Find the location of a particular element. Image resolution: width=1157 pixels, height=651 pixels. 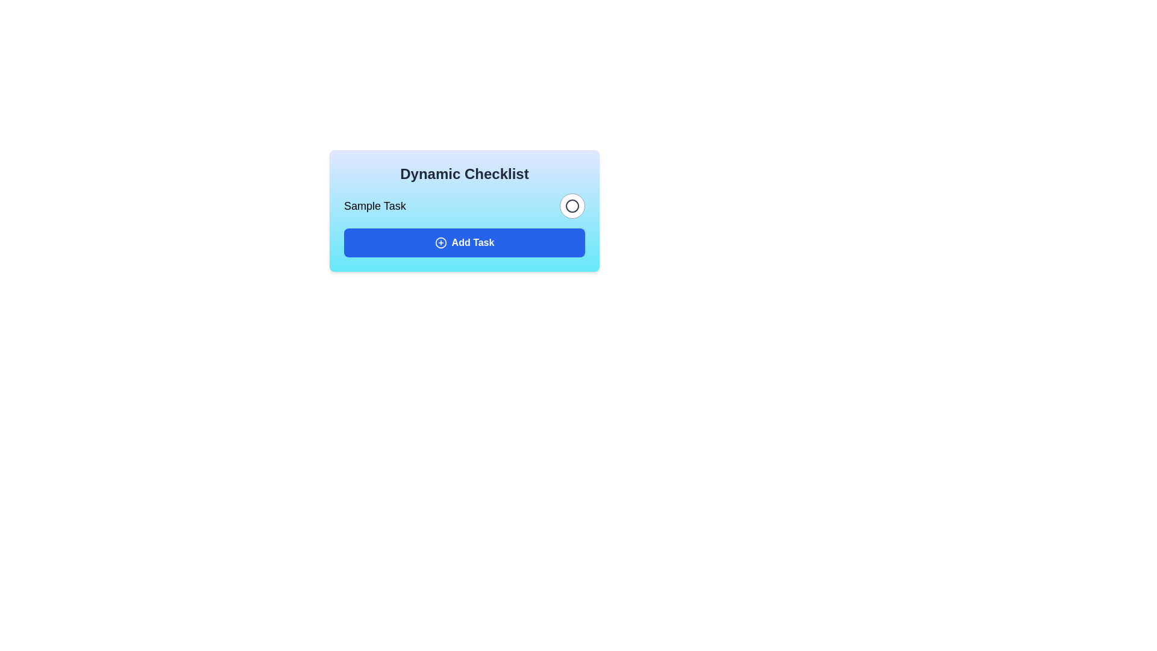

the 'Add Task' button to add a new task to the checklist is located at coordinates (464, 242).